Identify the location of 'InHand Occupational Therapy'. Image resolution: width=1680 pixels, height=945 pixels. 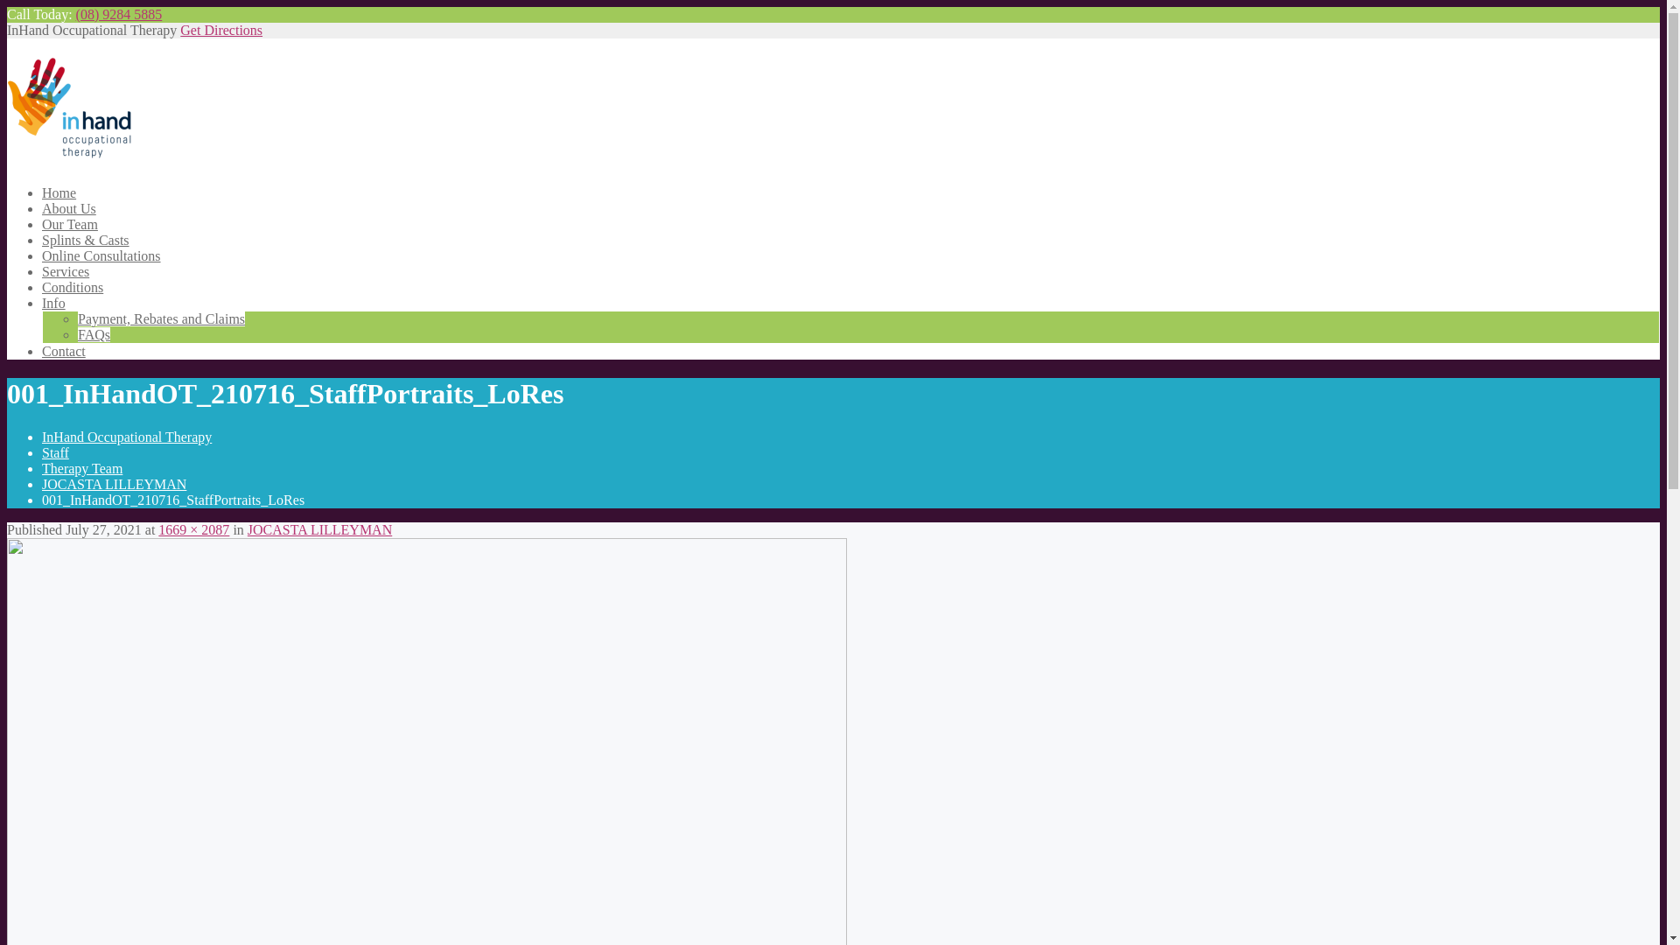
(69, 148).